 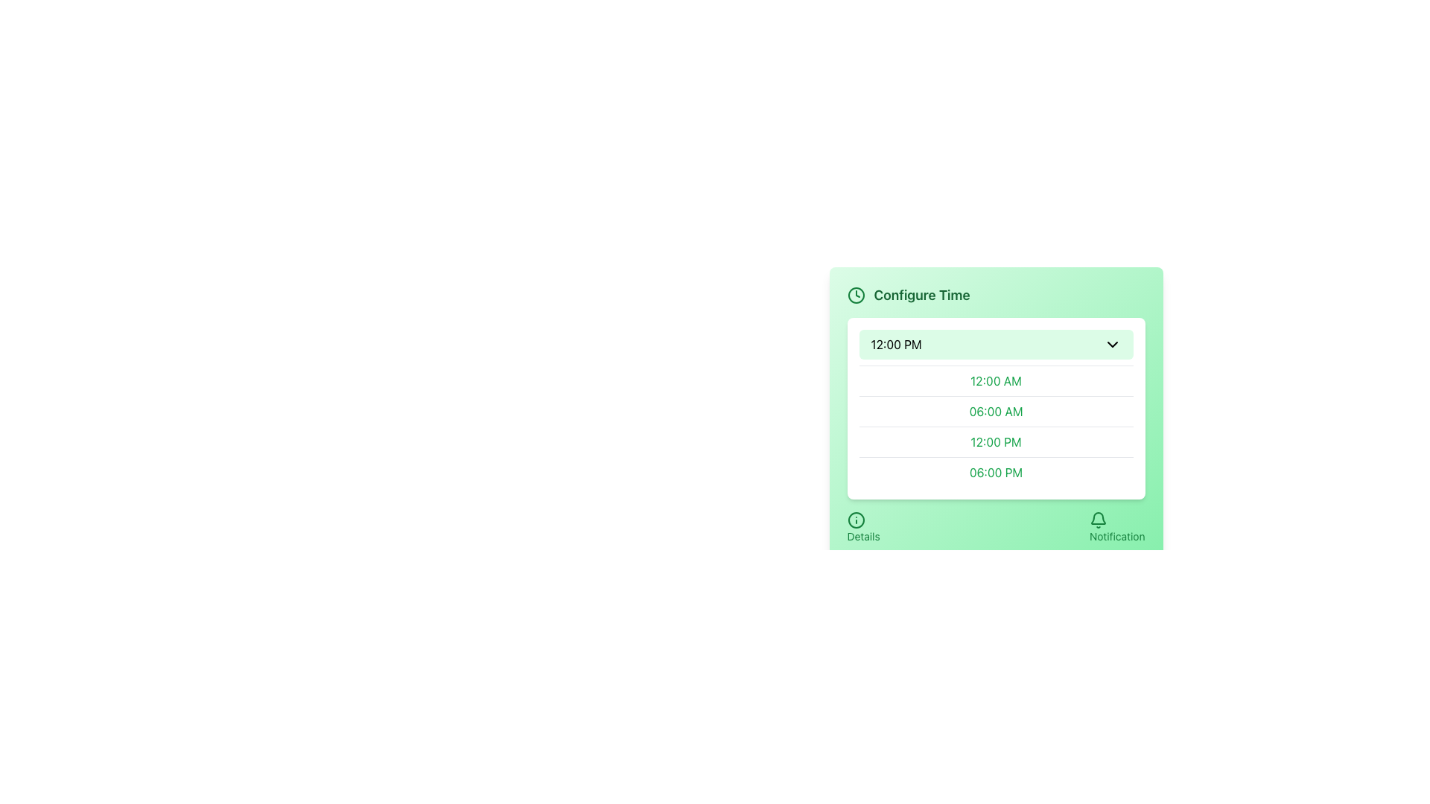 I want to click on the dropdown menu located centrally within the card component, so click(x=996, y=398).